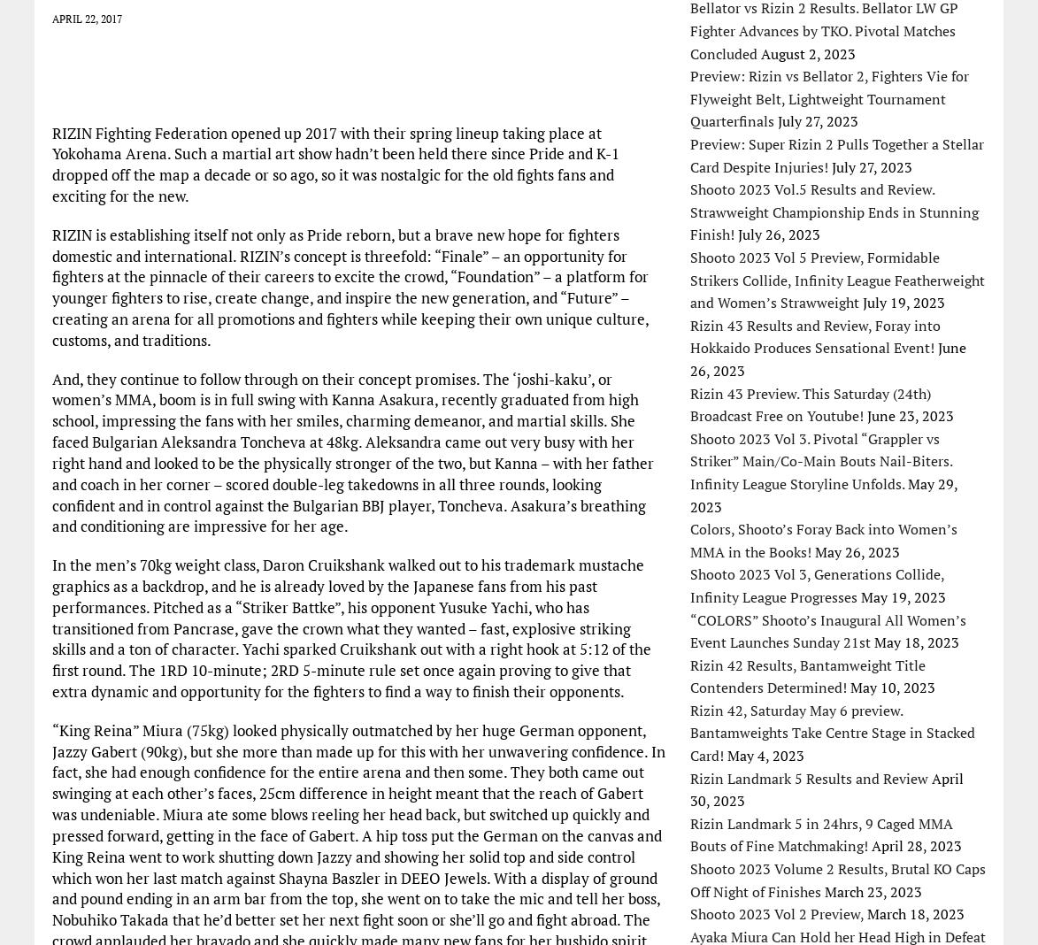 Image resolution: width=1038 pixels, height=945 pixels. I want to click on 'RIZIN Fighting Federation opened up 2017 with their spring lineup taking place at Yokohama Arena. Such a martial art show hadn’t been held there since Pride and K-1 dropped off the map a decade or so ago, so it was nostalgic for the old fights fans and exciting for the new.', so click(50, 163).